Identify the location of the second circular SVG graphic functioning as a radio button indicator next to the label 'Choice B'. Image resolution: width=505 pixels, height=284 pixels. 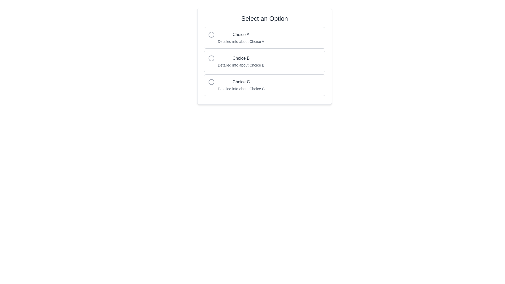
(211, 58).